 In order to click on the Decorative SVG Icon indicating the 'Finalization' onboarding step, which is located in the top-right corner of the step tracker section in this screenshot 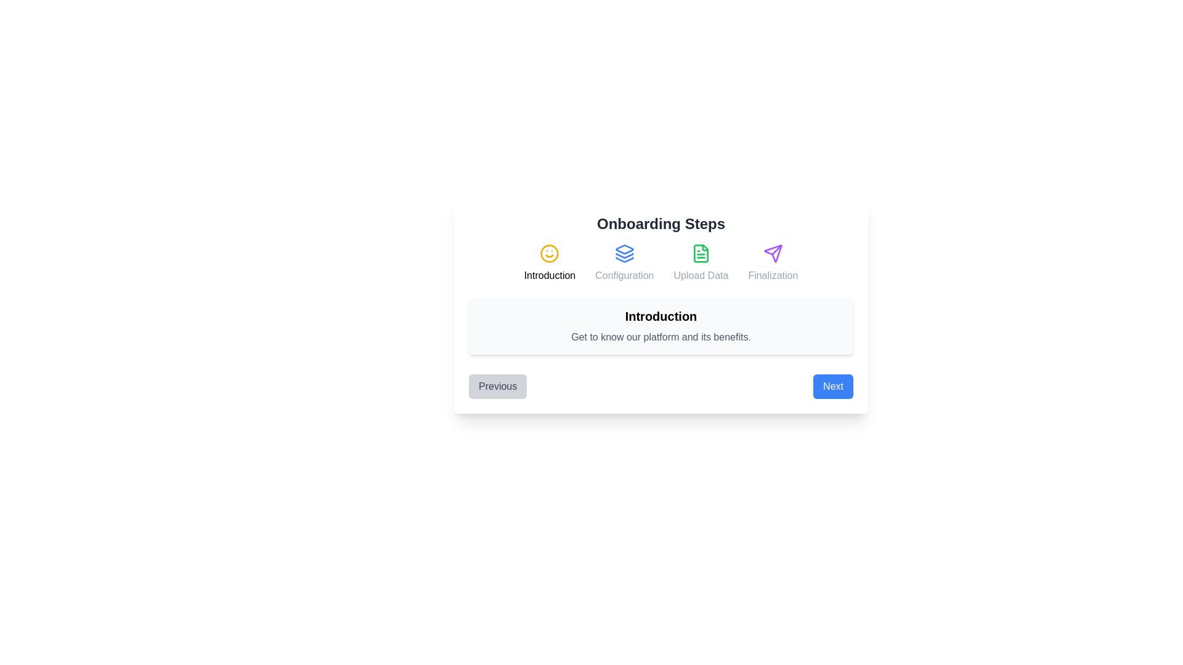, I will do `click(772, 253)`.